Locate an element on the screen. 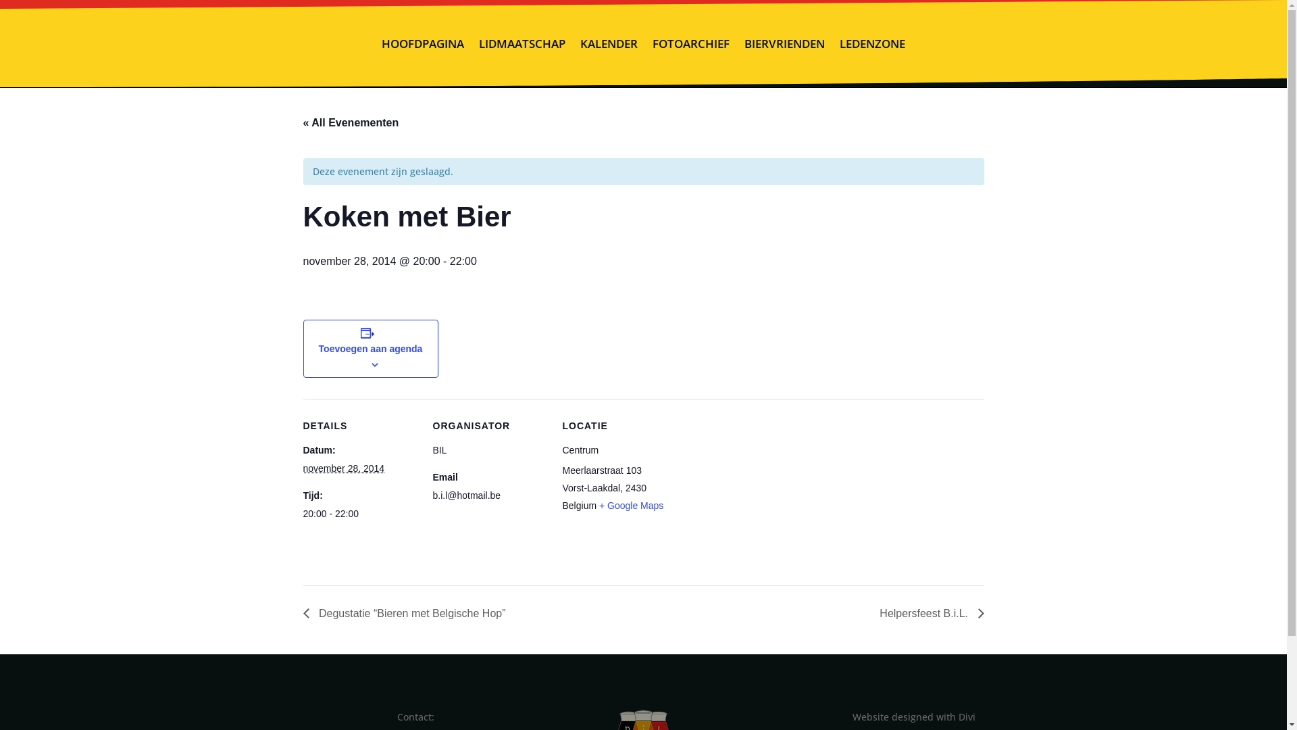 The height and width of the screenshot is (730, 1297). 'Helpersfeest B.i.L.' is located at coordinates (927, 613).